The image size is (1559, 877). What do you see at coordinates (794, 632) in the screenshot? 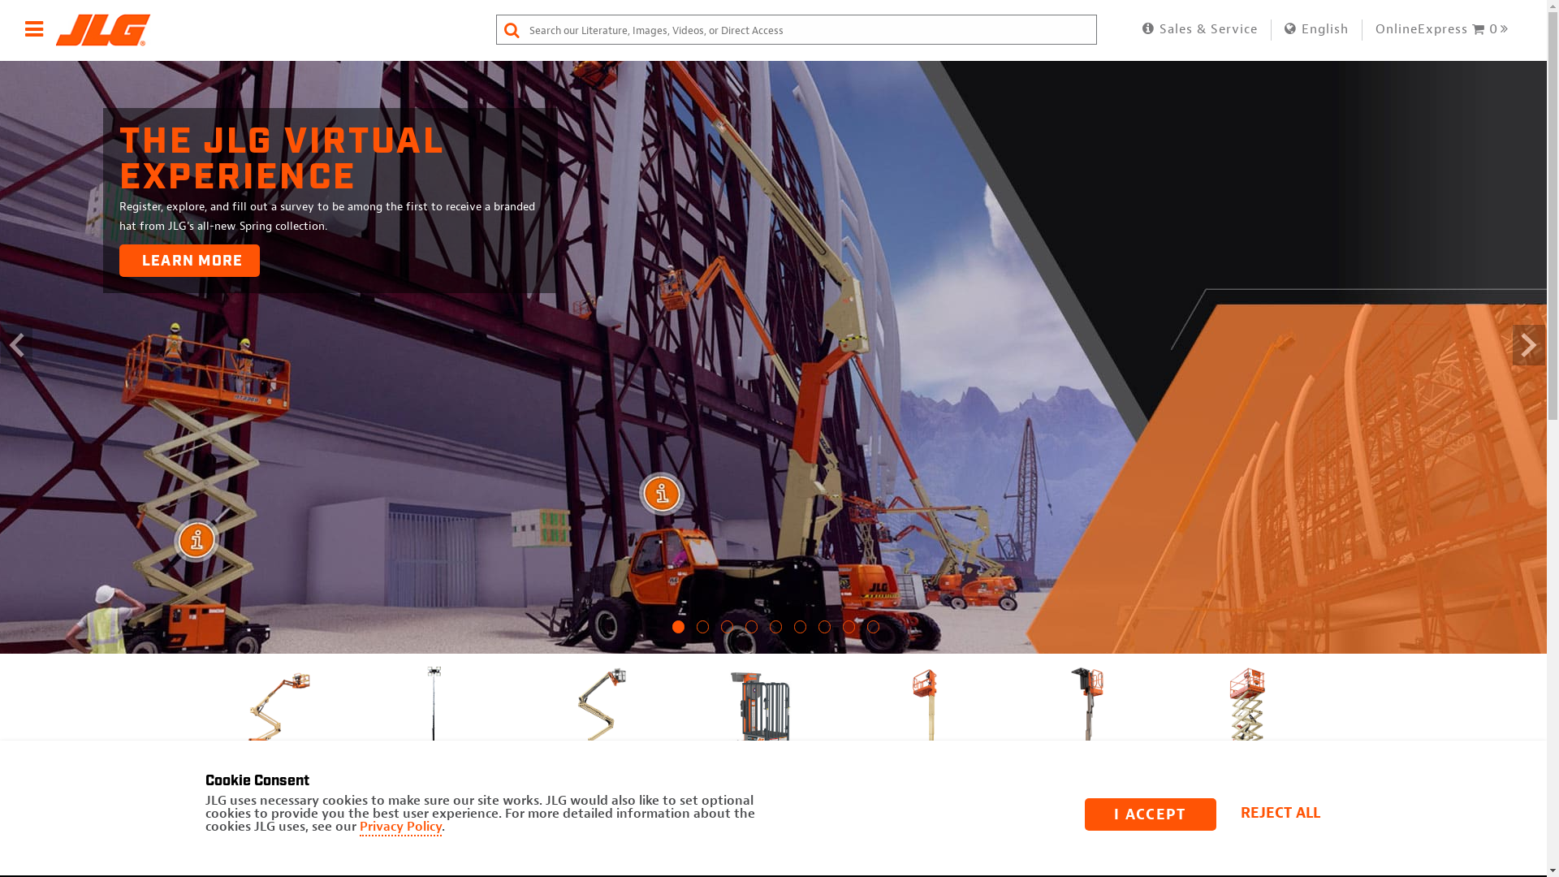
I see `'6'` at bounding box center [794, 632].